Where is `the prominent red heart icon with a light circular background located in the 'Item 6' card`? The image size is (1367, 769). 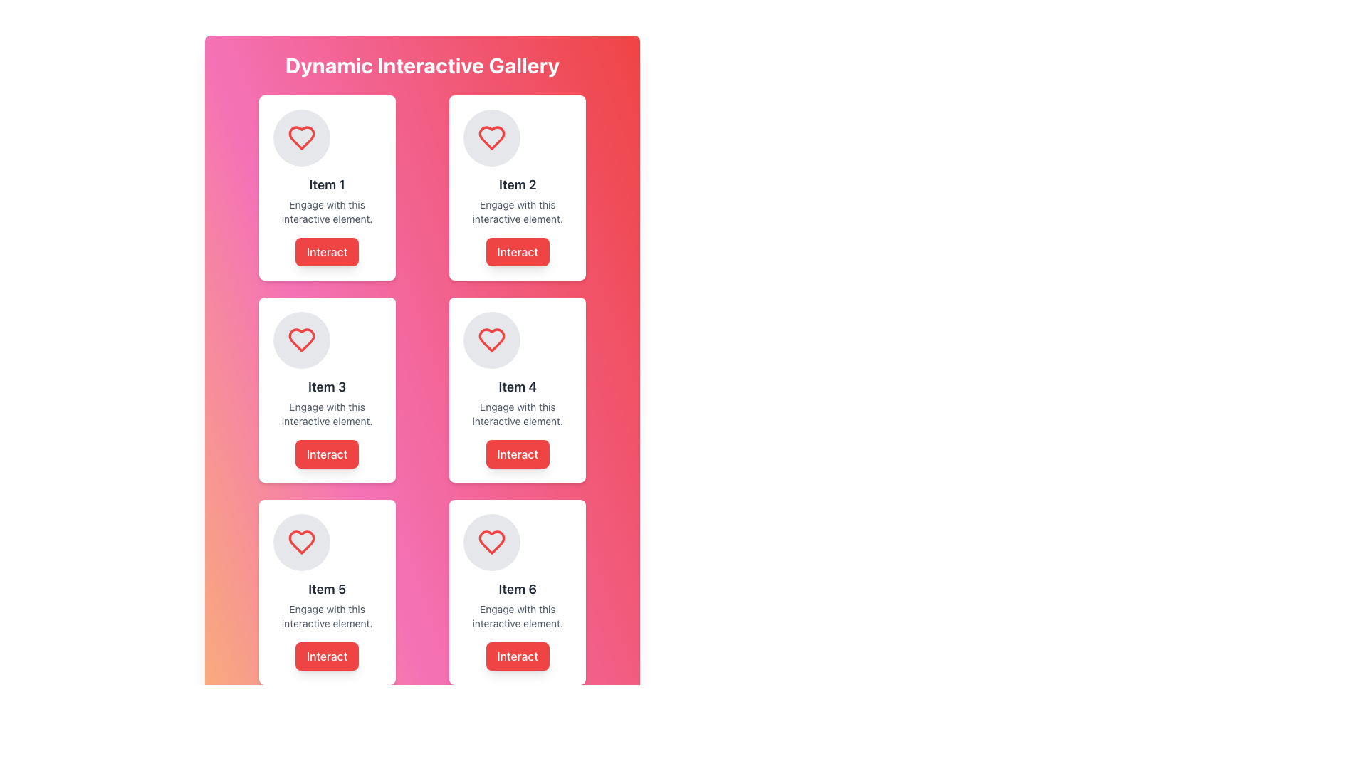
the prominent red heart icon with a light circular background located in the 'Item 6' card is located at coordinates (492, 743).